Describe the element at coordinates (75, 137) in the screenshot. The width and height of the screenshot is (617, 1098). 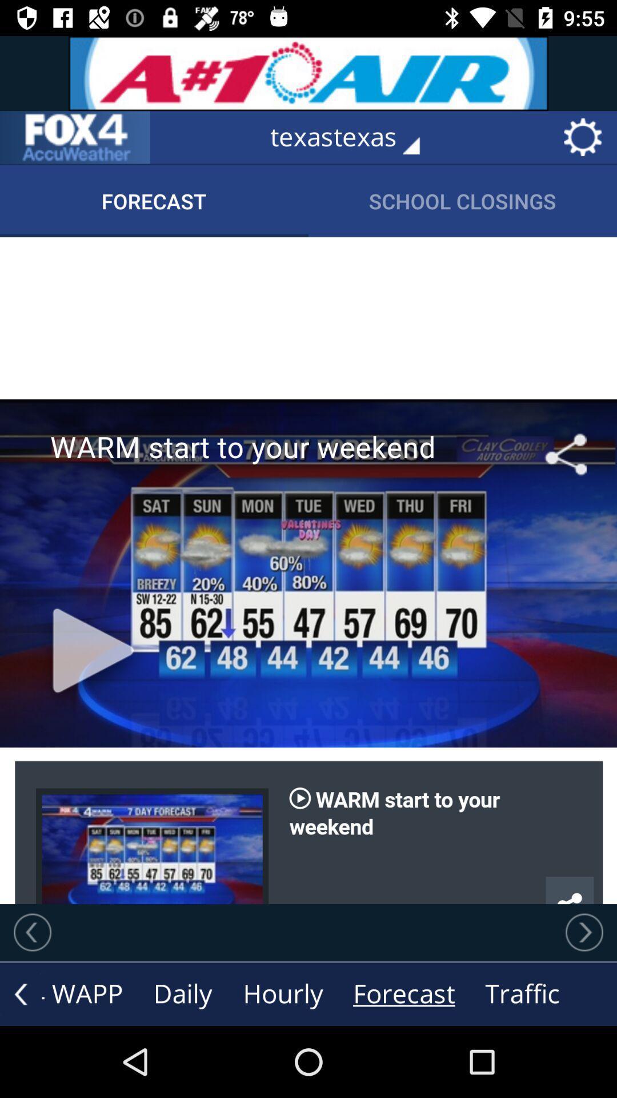
I see `that page` at that location.